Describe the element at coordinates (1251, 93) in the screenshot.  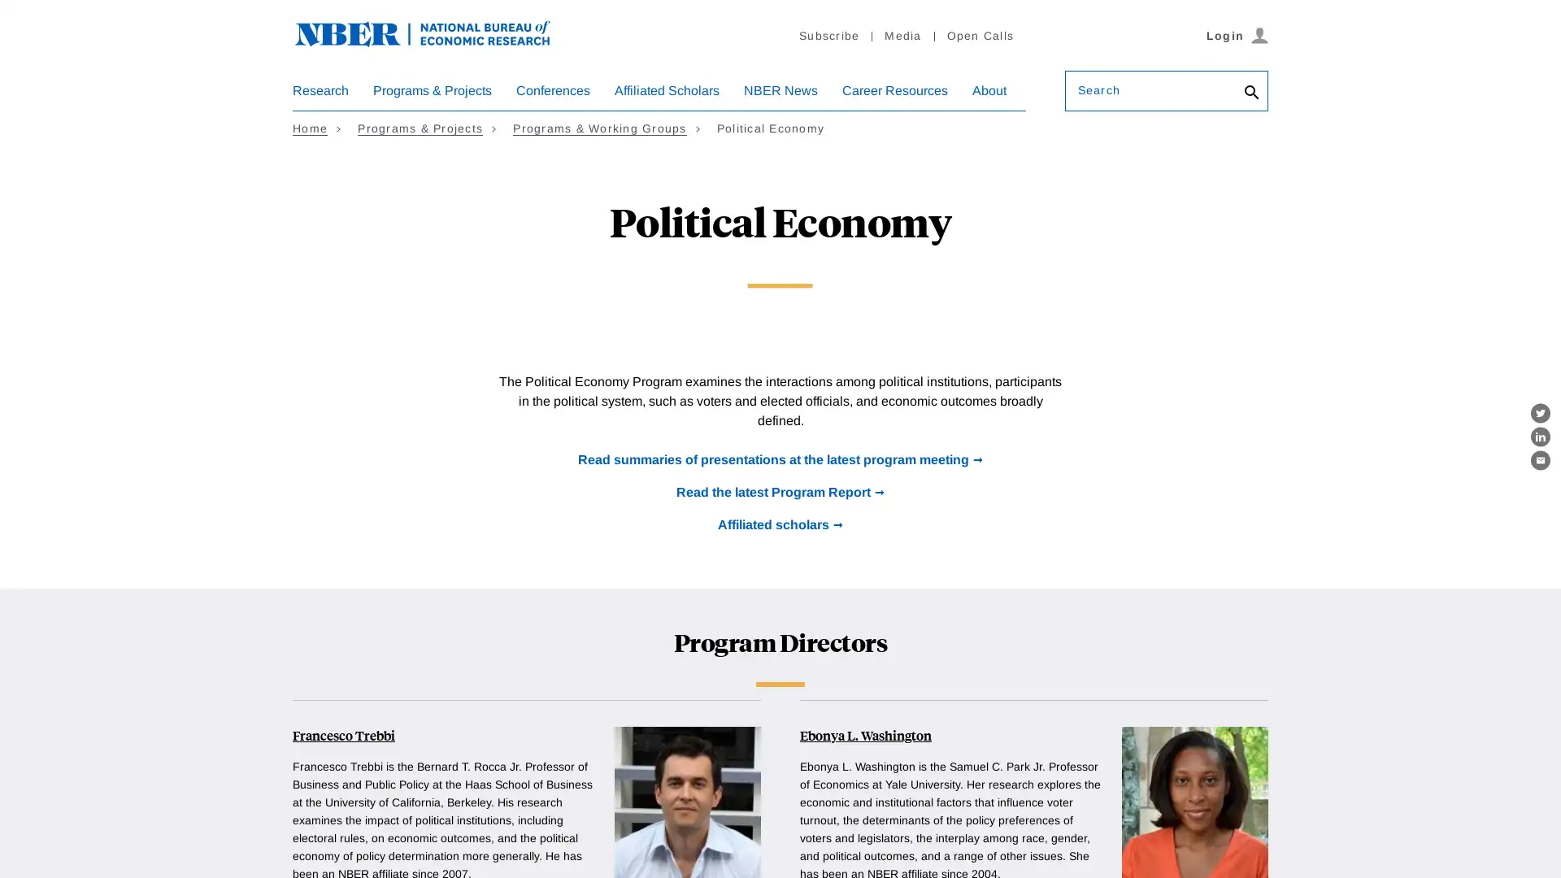
I see `Search` at that location.